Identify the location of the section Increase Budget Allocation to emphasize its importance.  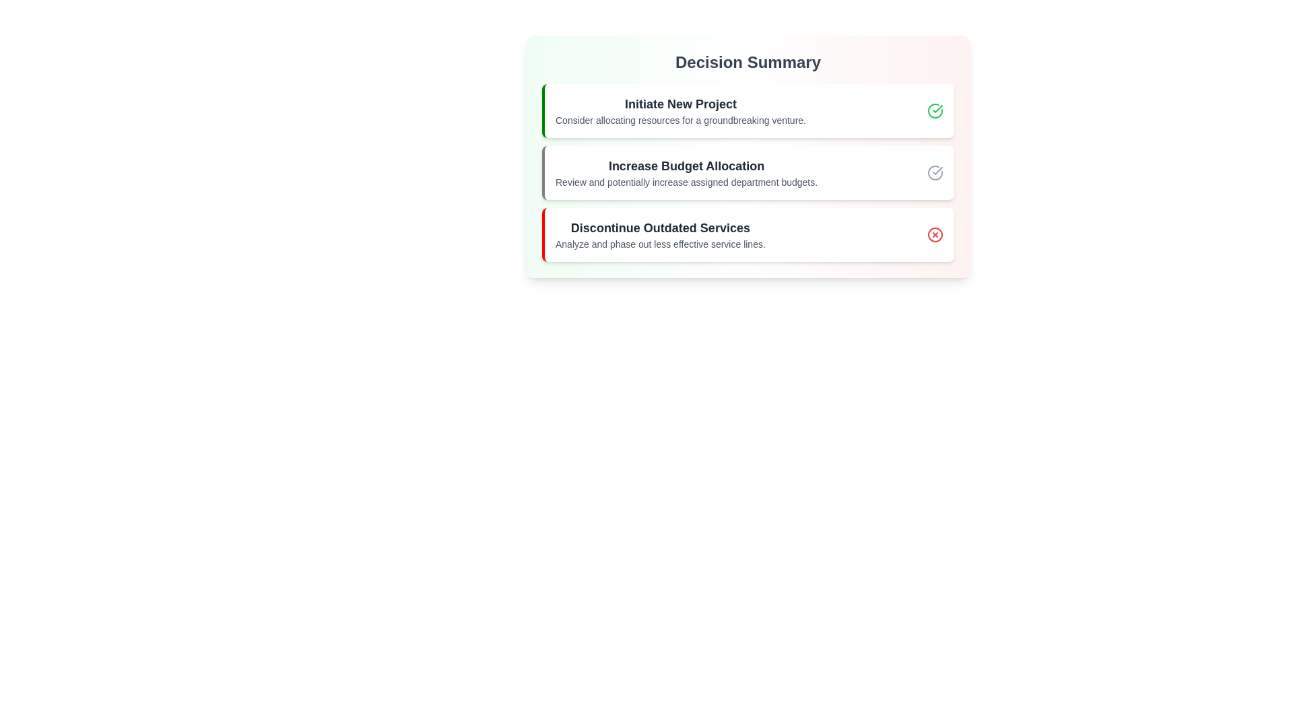
(747, 172).